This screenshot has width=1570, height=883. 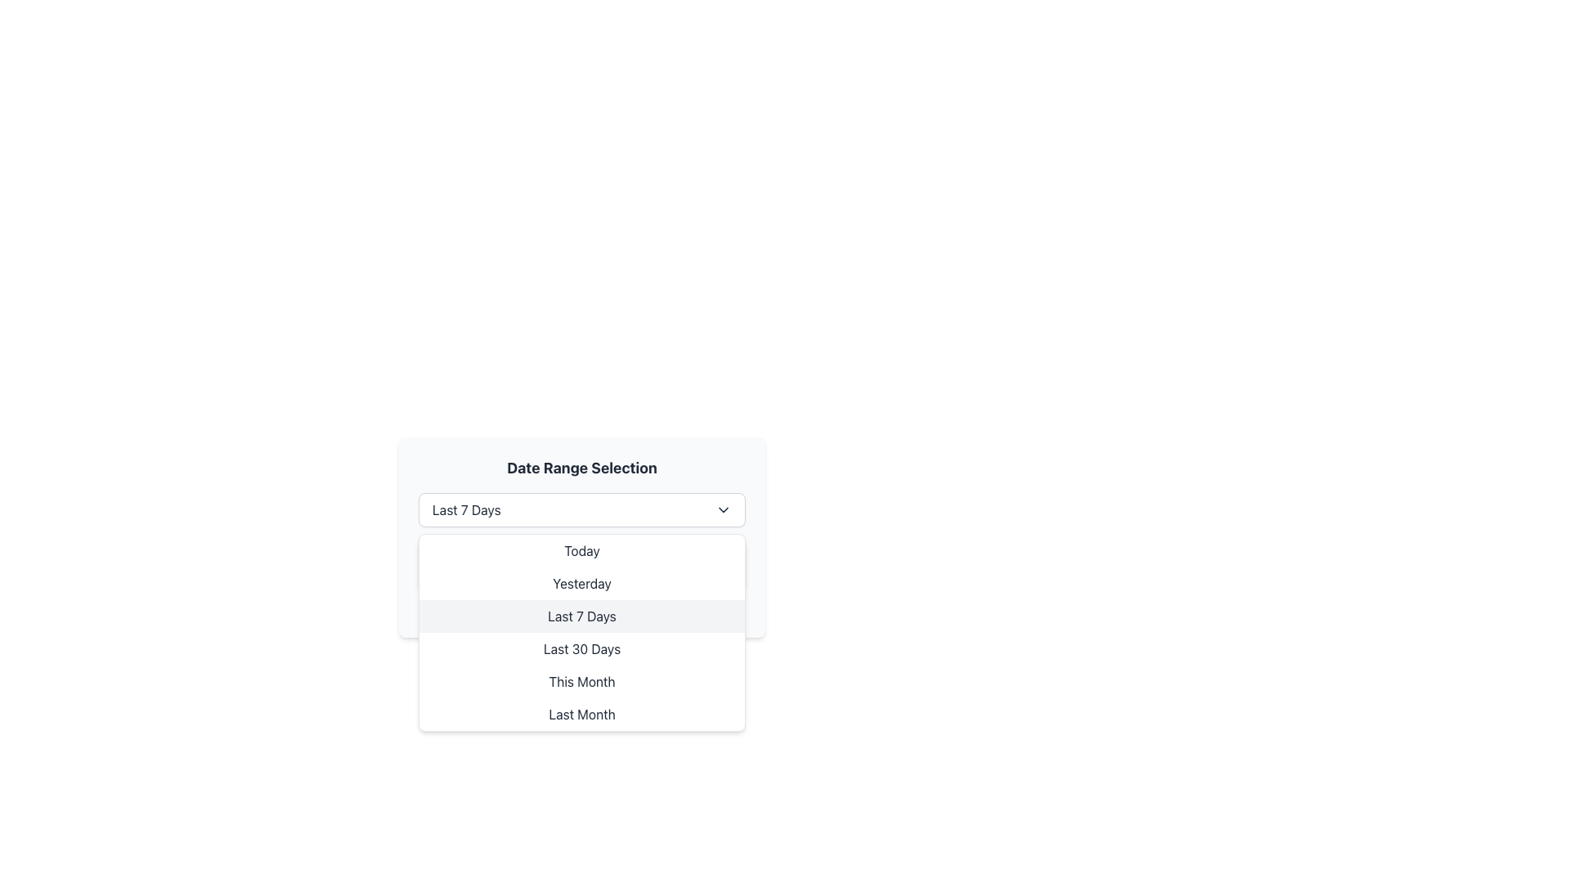 I want to click on the 'Yesterday' option in the date range selection dropdown menu, which is the second item below 'Today' and above 'Last 7 Days', so click(x=581, y=582).